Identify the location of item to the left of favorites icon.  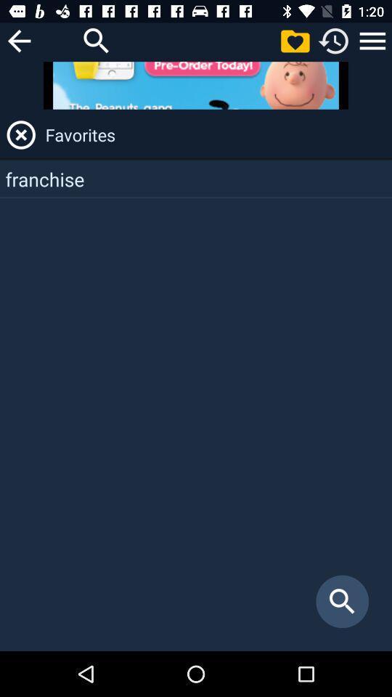
(20, 135).